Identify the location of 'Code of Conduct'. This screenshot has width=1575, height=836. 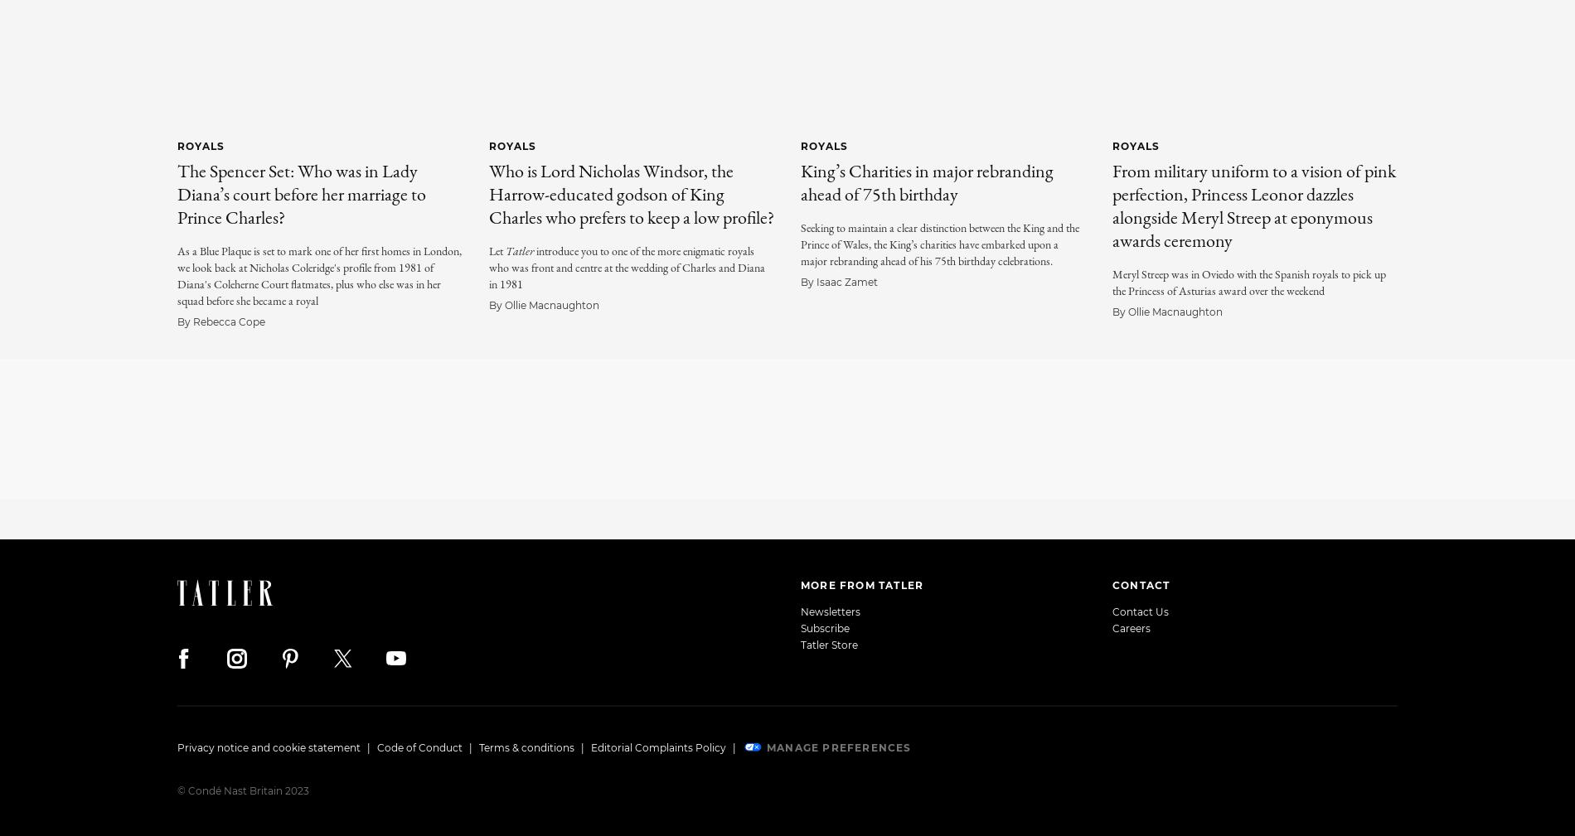
(376, 747).